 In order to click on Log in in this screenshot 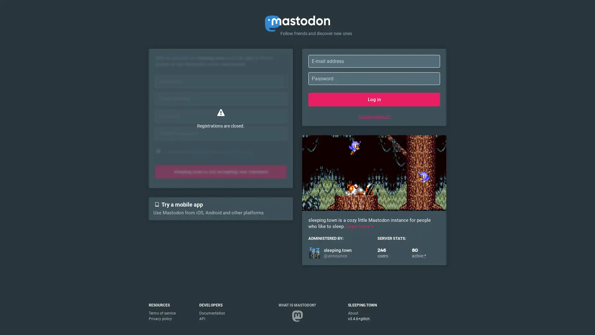, I will do `click(374, 99)`.